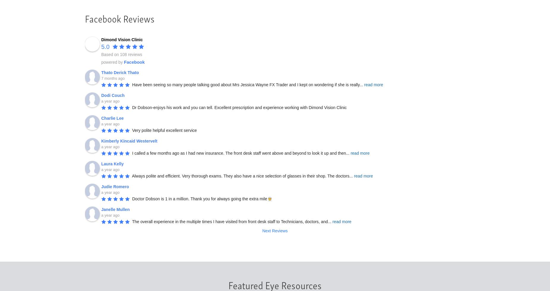 This screenshot has width=550, height=291. I want to click on 'Janelle Mullen', so click(115, 209).